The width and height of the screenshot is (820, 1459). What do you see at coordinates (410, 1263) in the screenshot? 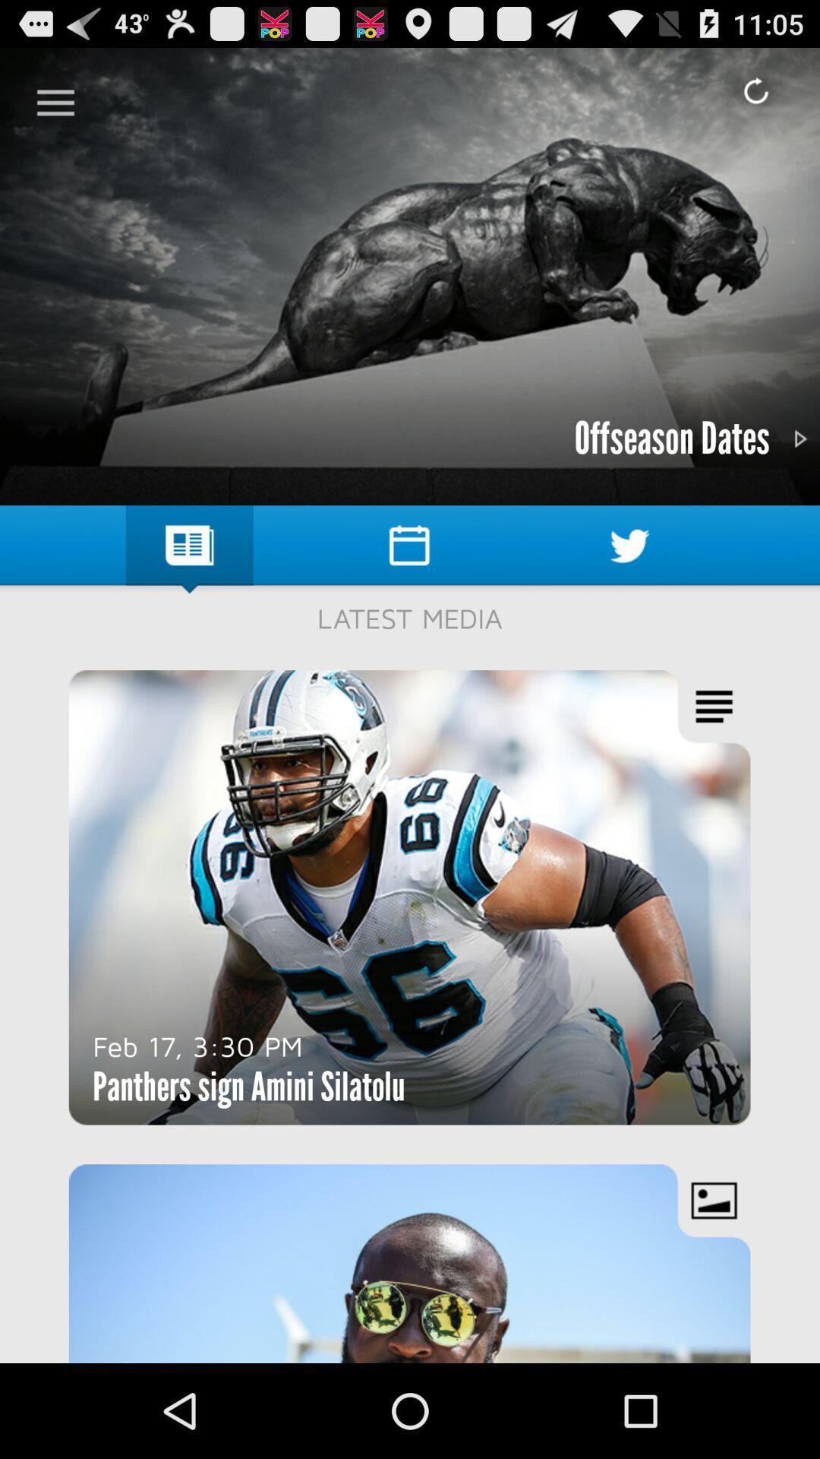
I see `the third image` at bounding box center [410, 1263].